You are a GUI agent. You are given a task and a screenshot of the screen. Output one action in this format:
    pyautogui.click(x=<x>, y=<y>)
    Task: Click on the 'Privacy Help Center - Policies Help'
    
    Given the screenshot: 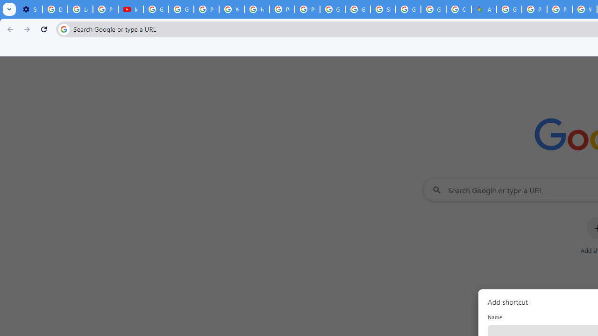 What is the action you would take?
    pyautogui.click(x=560, y=9)
    